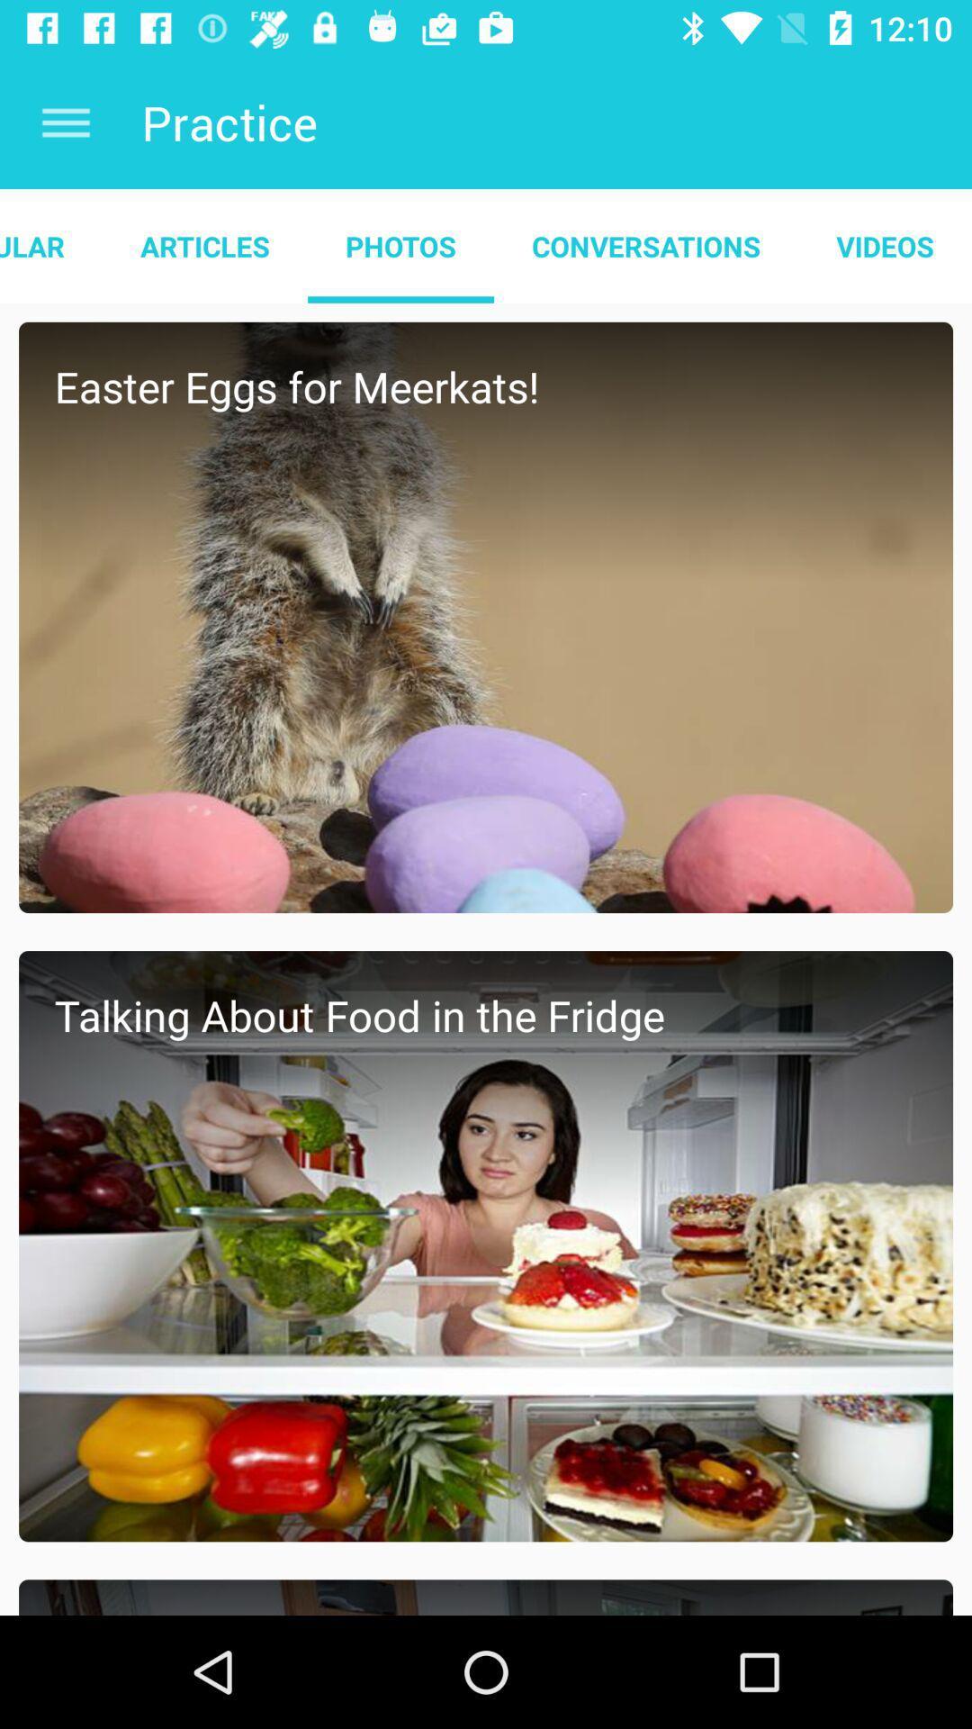  Describe the element at coordinates (884, 245) in the screenshot. I see `the videos icon` at that location.